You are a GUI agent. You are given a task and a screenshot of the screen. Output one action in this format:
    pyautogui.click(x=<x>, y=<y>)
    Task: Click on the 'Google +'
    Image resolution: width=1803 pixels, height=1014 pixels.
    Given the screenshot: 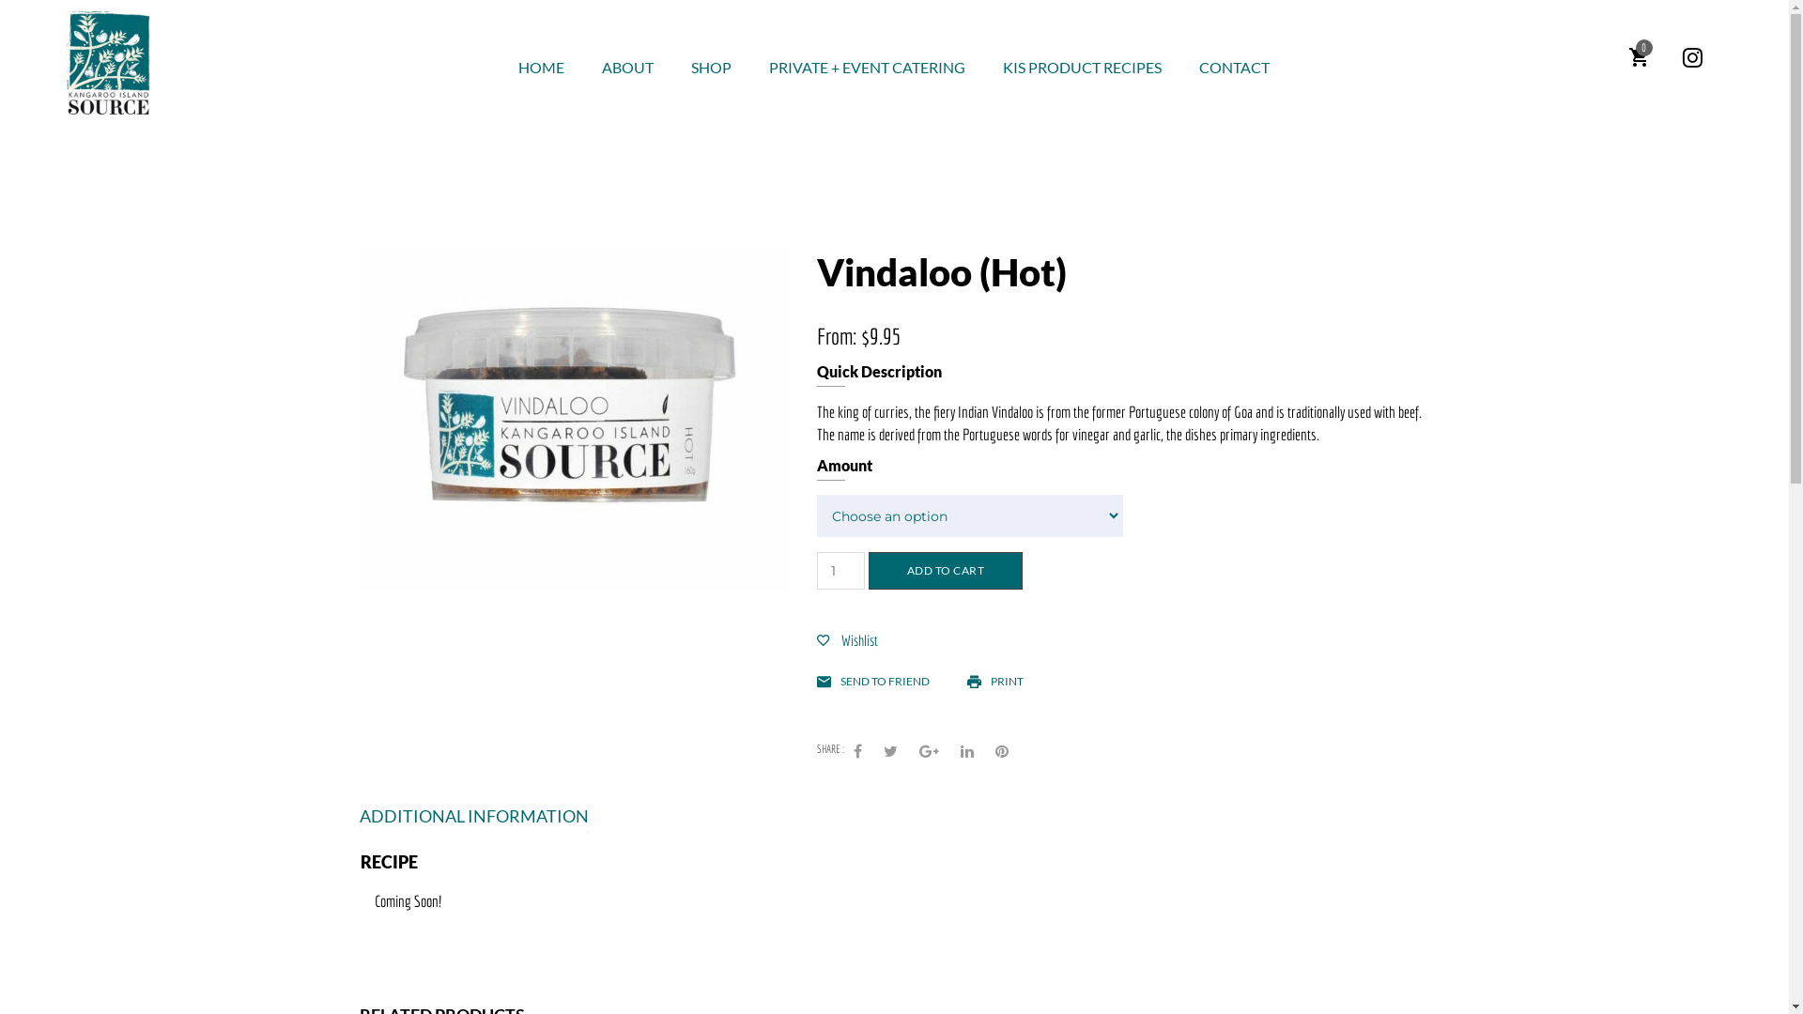 What is the action you would take?
    pyautogui.click(x=929, y=749)
    